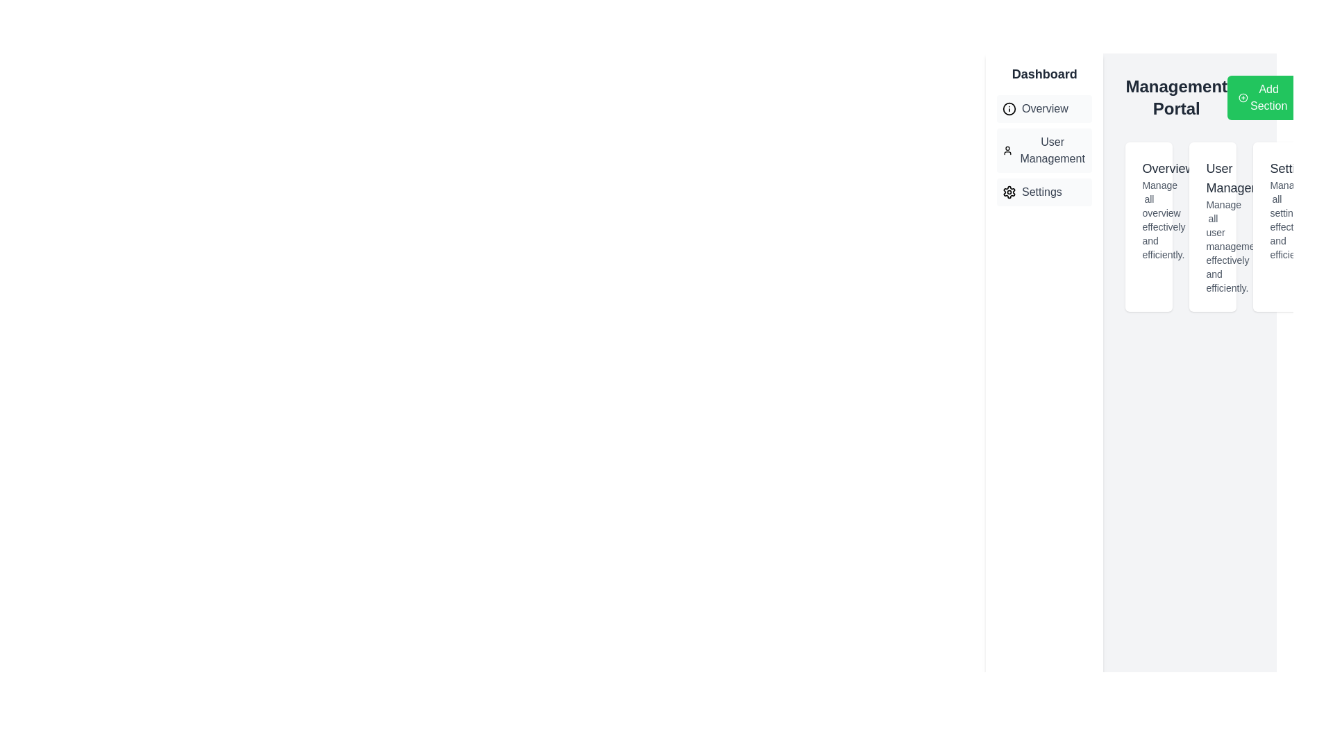 Image resolution: width=1333 pixels, height=750 pixels. What do you see at coordinates (1149, 168) in the screenshot?
I see `title text located at the top of the first card in the horizontal list, under the heading 'Management Portal'` at bounding box center [1149, 168].